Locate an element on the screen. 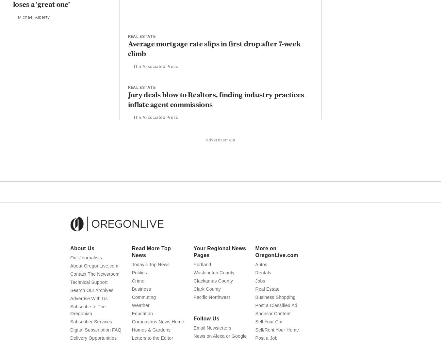 Image resolution: width=441 pixels, height=341 pixels. 'Our Journalists' is located at coordinates (86, 270).